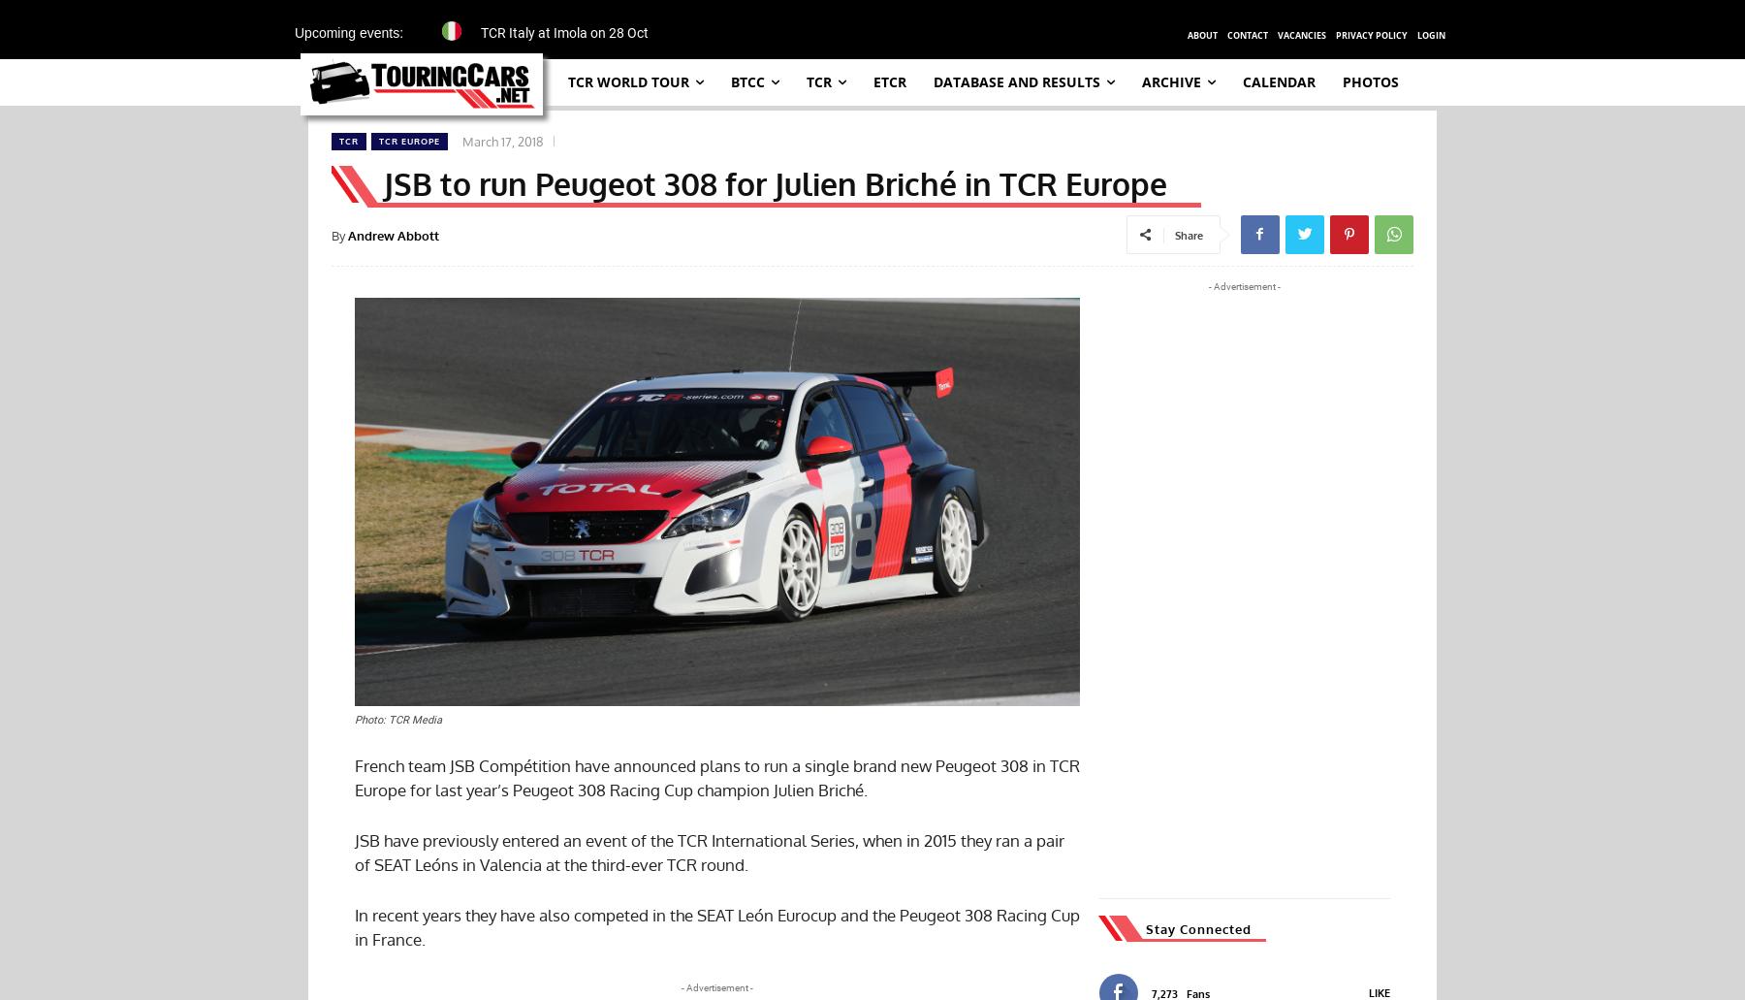 The image size is (1745, 1000). Describe the element at coordinates (332, 234) in the screenshot. I see `'By'` at that location.